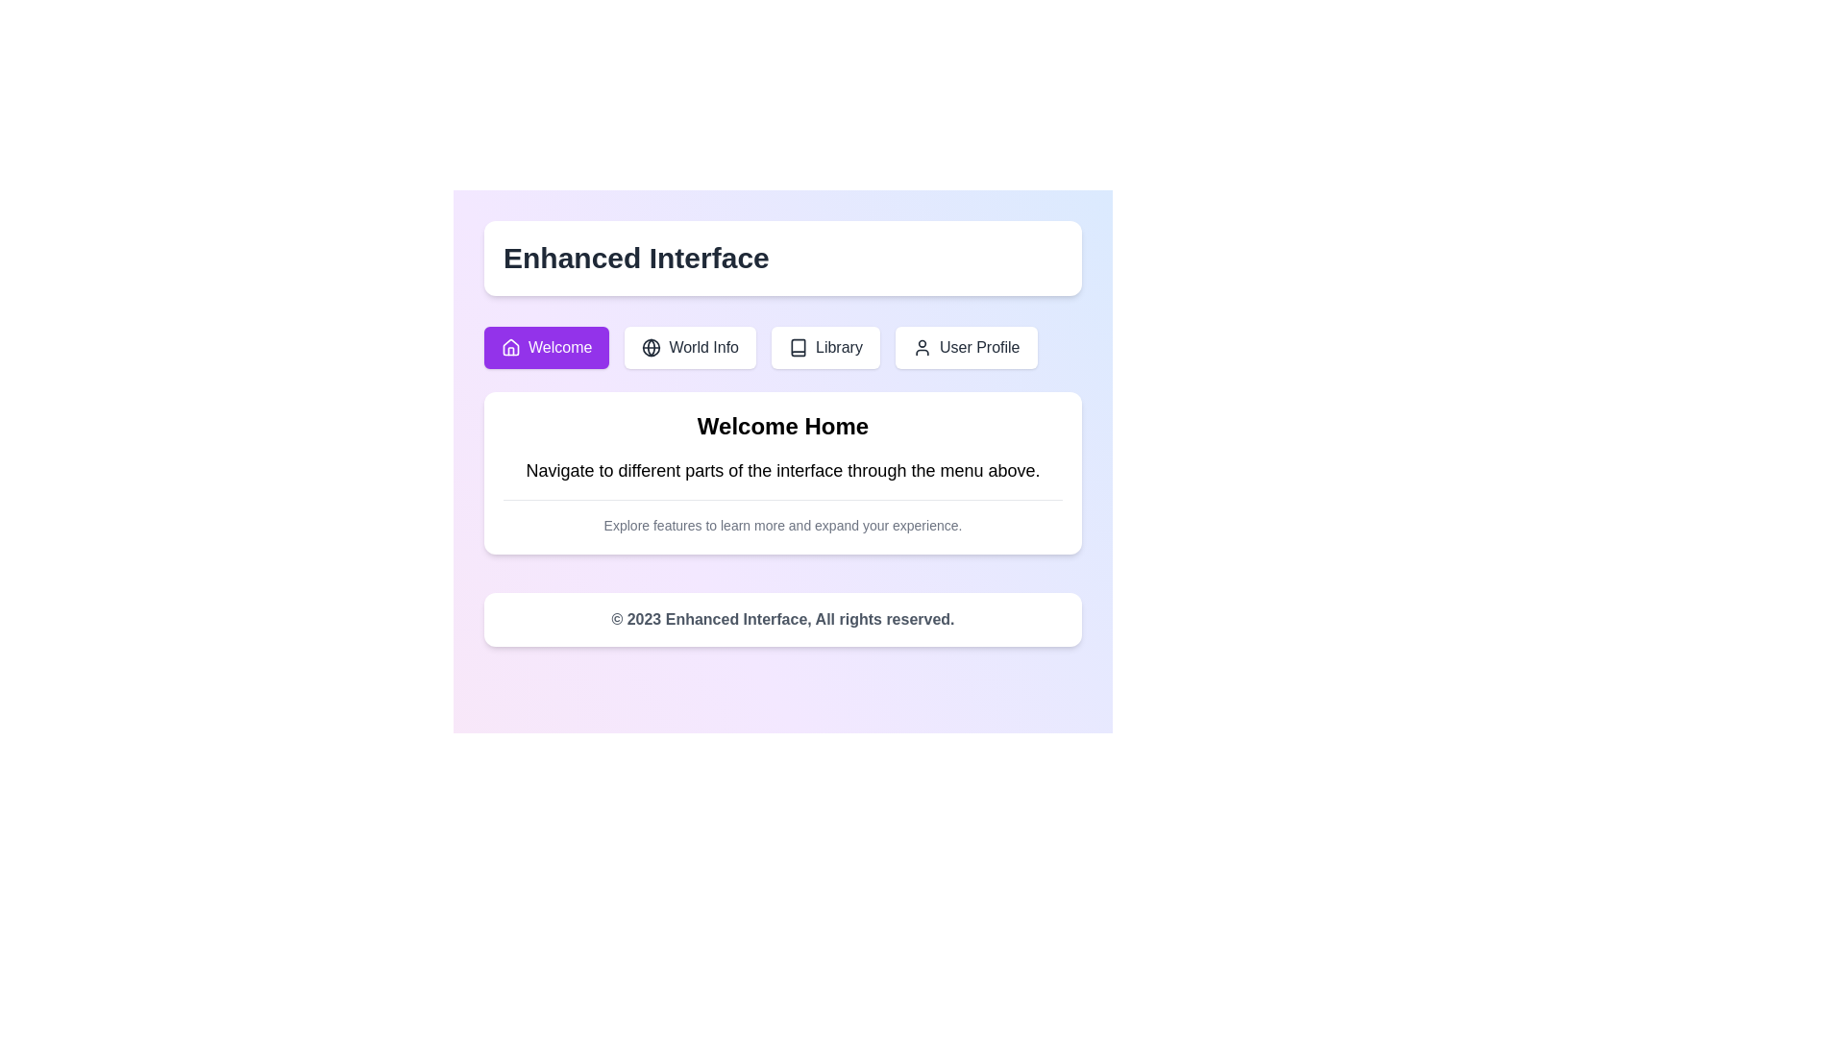 This screenshot has width=1845, height=1038. What do you see at coordinates (511, 347) in the screenshot?
I see `the house-shaped icon within the 'Welcome' button` at bounding box center [511, 347].